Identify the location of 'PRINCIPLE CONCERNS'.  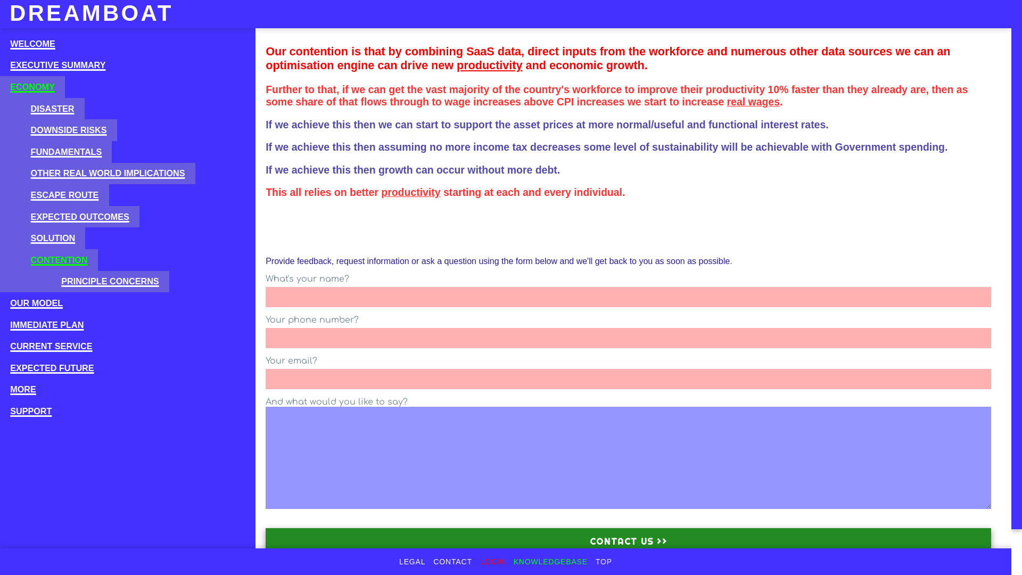
(84, 281).